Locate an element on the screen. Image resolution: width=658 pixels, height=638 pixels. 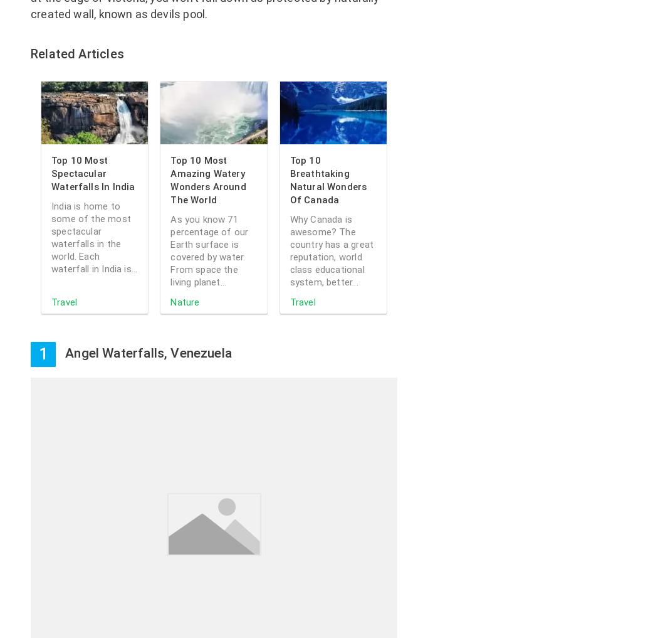
'As you know 71 percentage of our Earth surface is covered by water. From space the living planet...' is located at coordinates (209, 250).